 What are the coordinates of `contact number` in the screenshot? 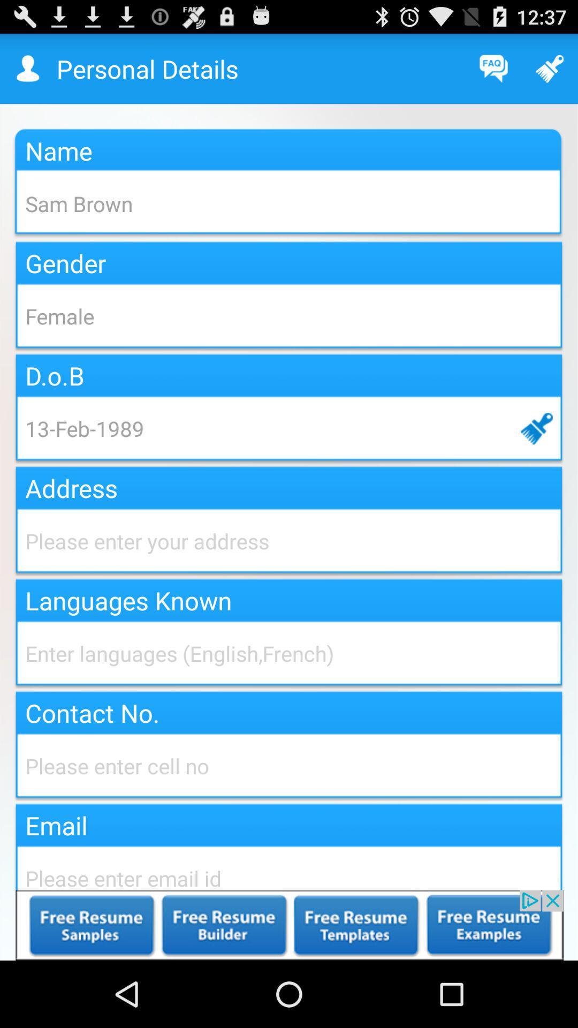 It's located at (289, 765).